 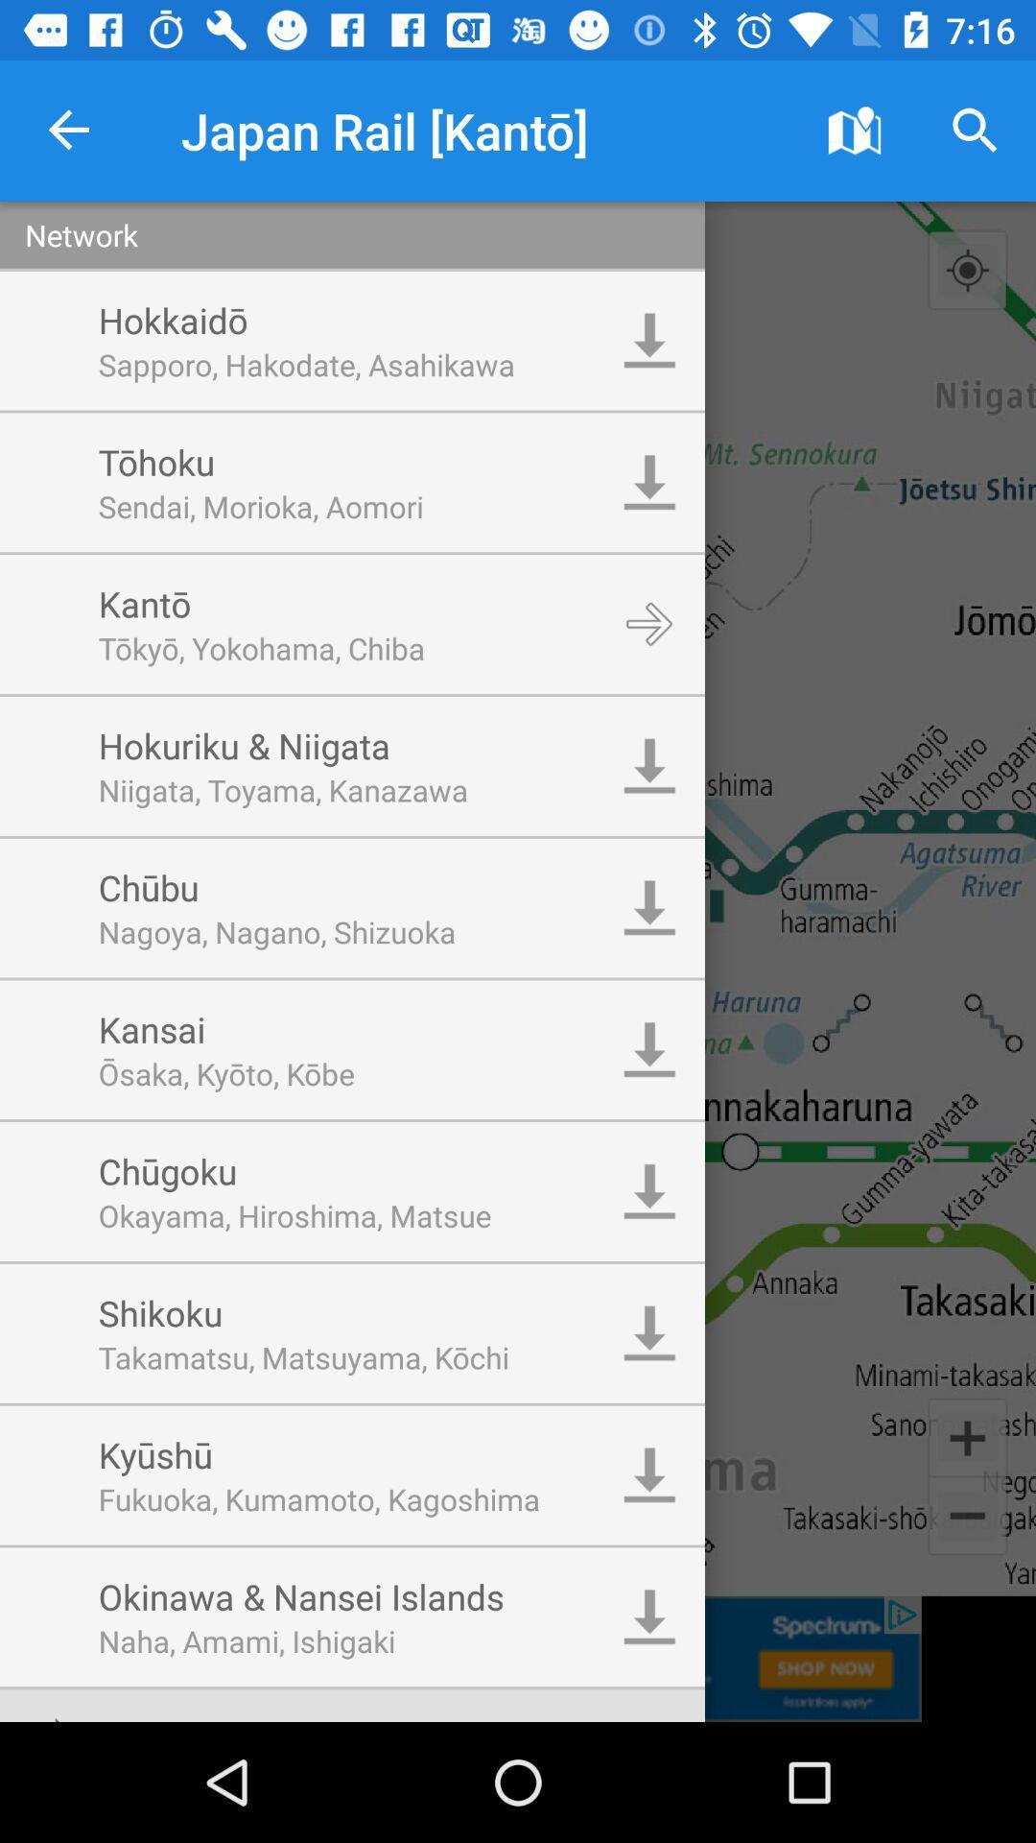 I want to click on the add icon, so click(x=967, y=1437).